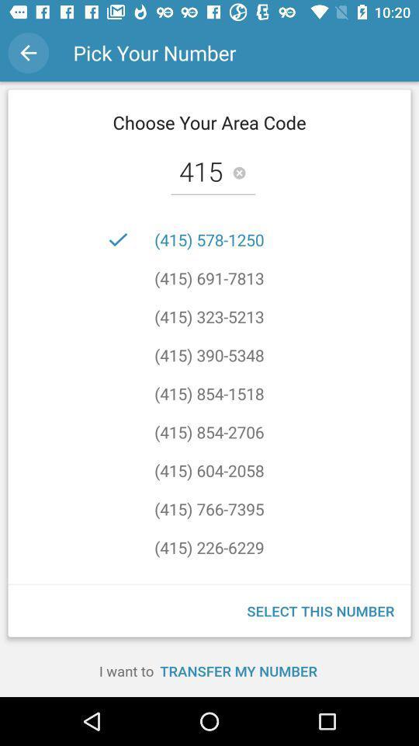 This screenshot has width=419, height=746. I want to click on icon next to the i want to icon, so click(238, 670).